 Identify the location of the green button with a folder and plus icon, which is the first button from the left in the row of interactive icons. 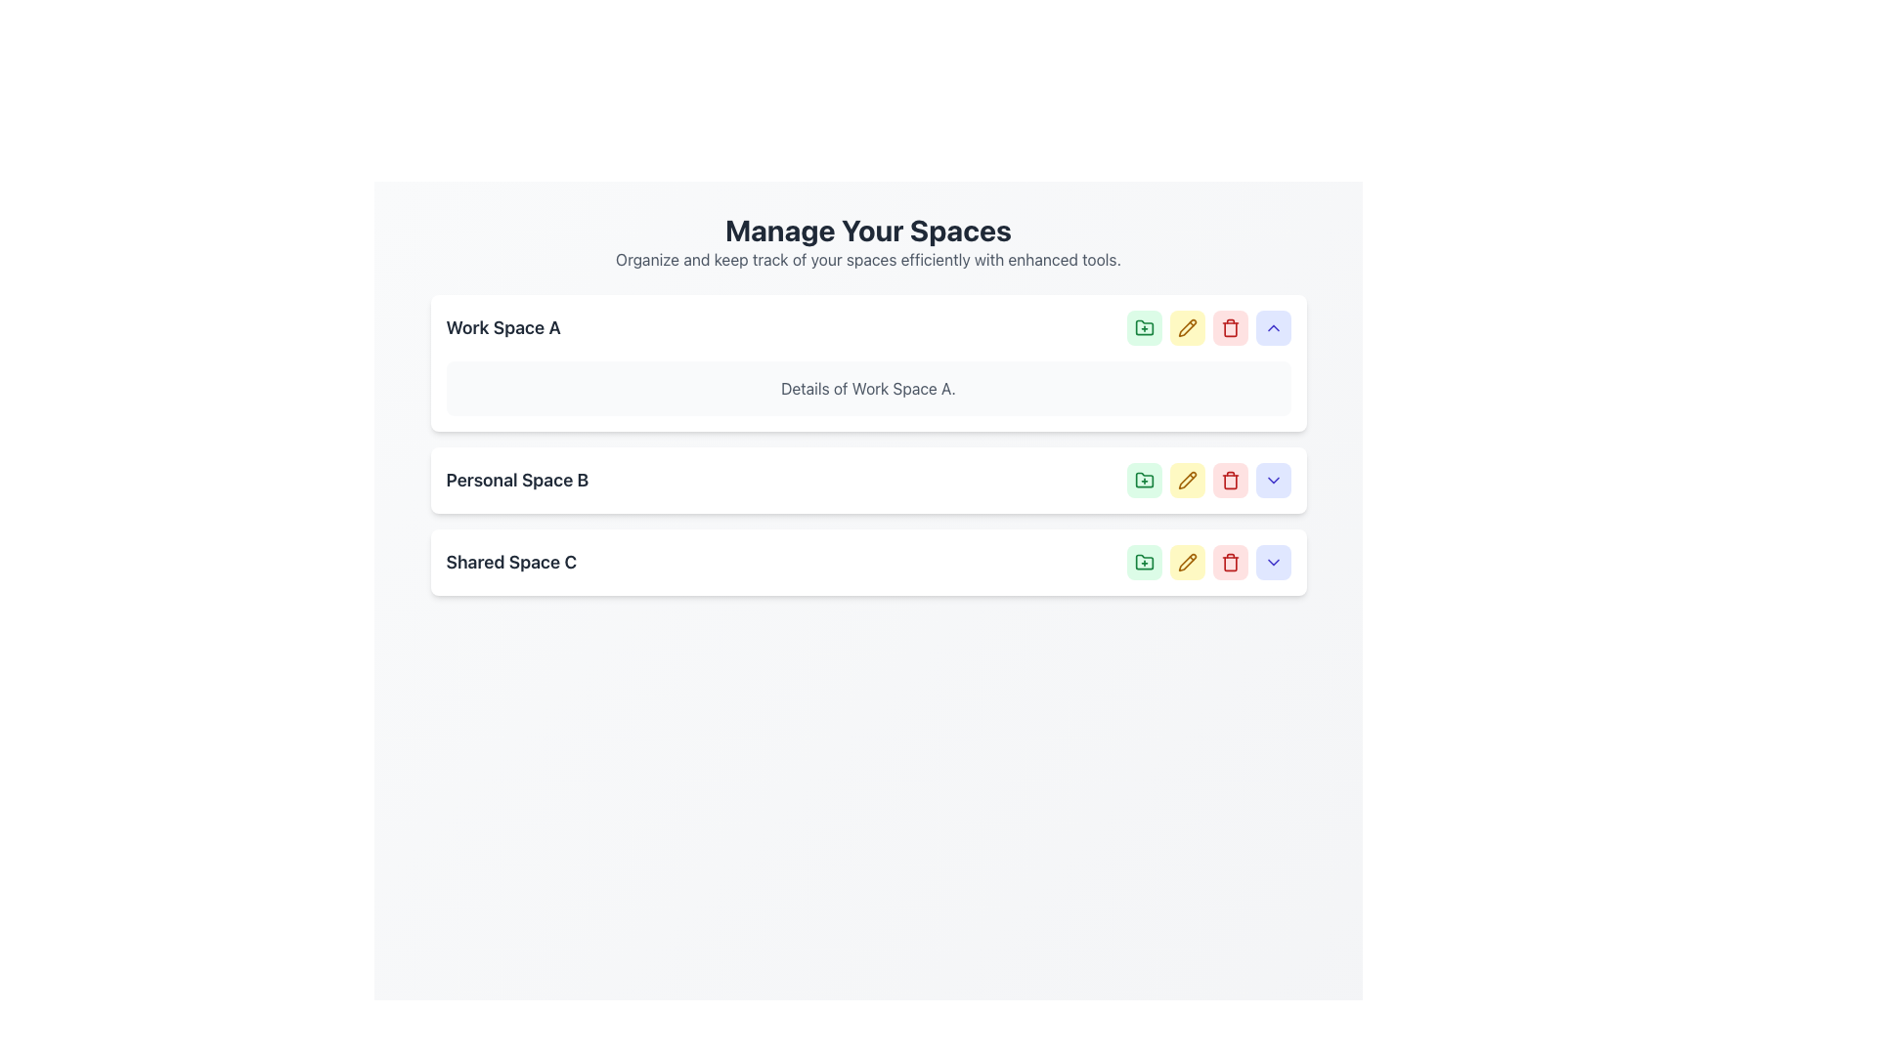
(1144, 326).